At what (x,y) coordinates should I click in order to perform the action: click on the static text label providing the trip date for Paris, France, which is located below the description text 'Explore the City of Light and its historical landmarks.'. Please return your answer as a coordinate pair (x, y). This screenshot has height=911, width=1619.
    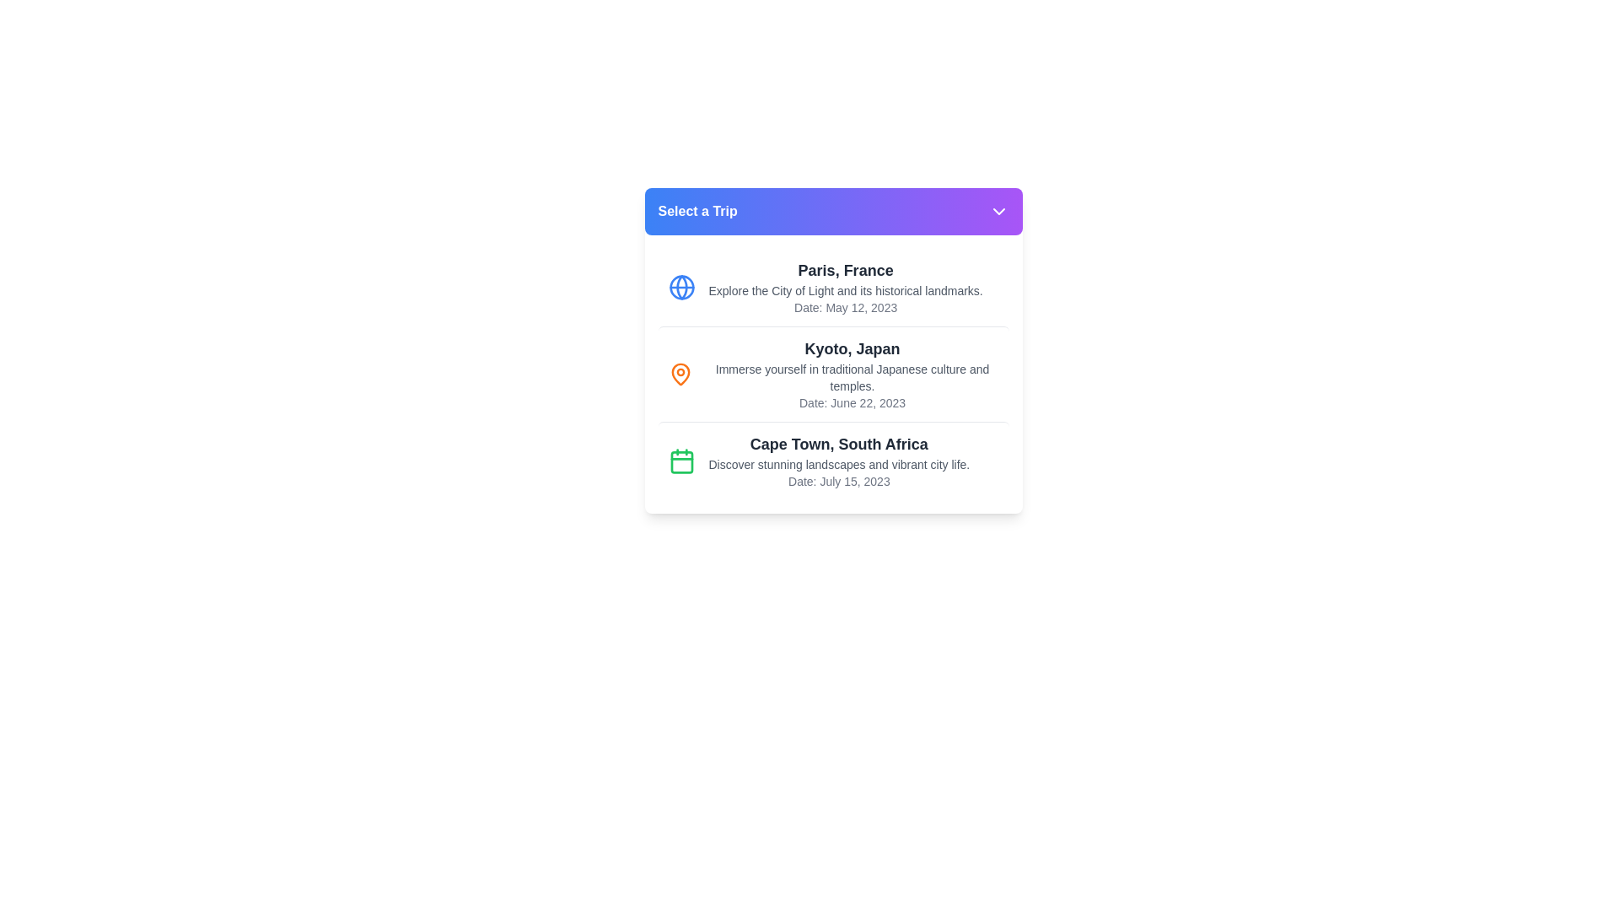
    Looking at the image, I should click on (846, 308).